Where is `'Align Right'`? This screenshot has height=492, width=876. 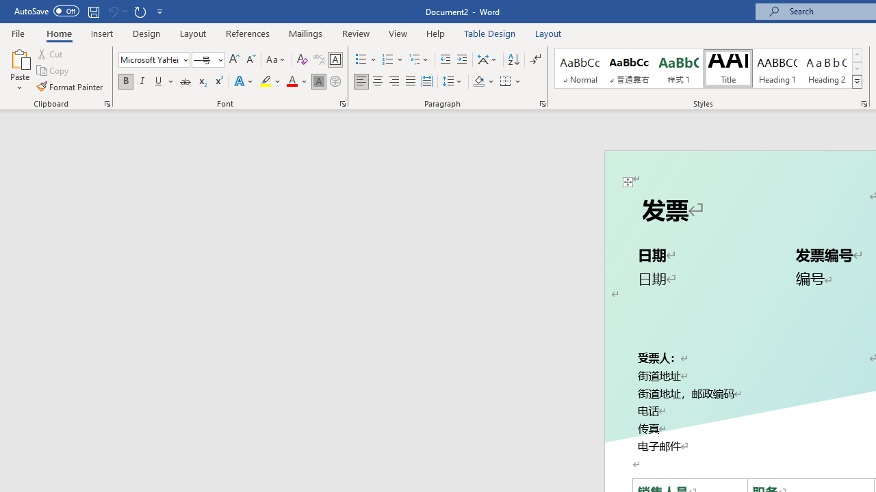
'Align Right' is located at coordinates (394, 81).